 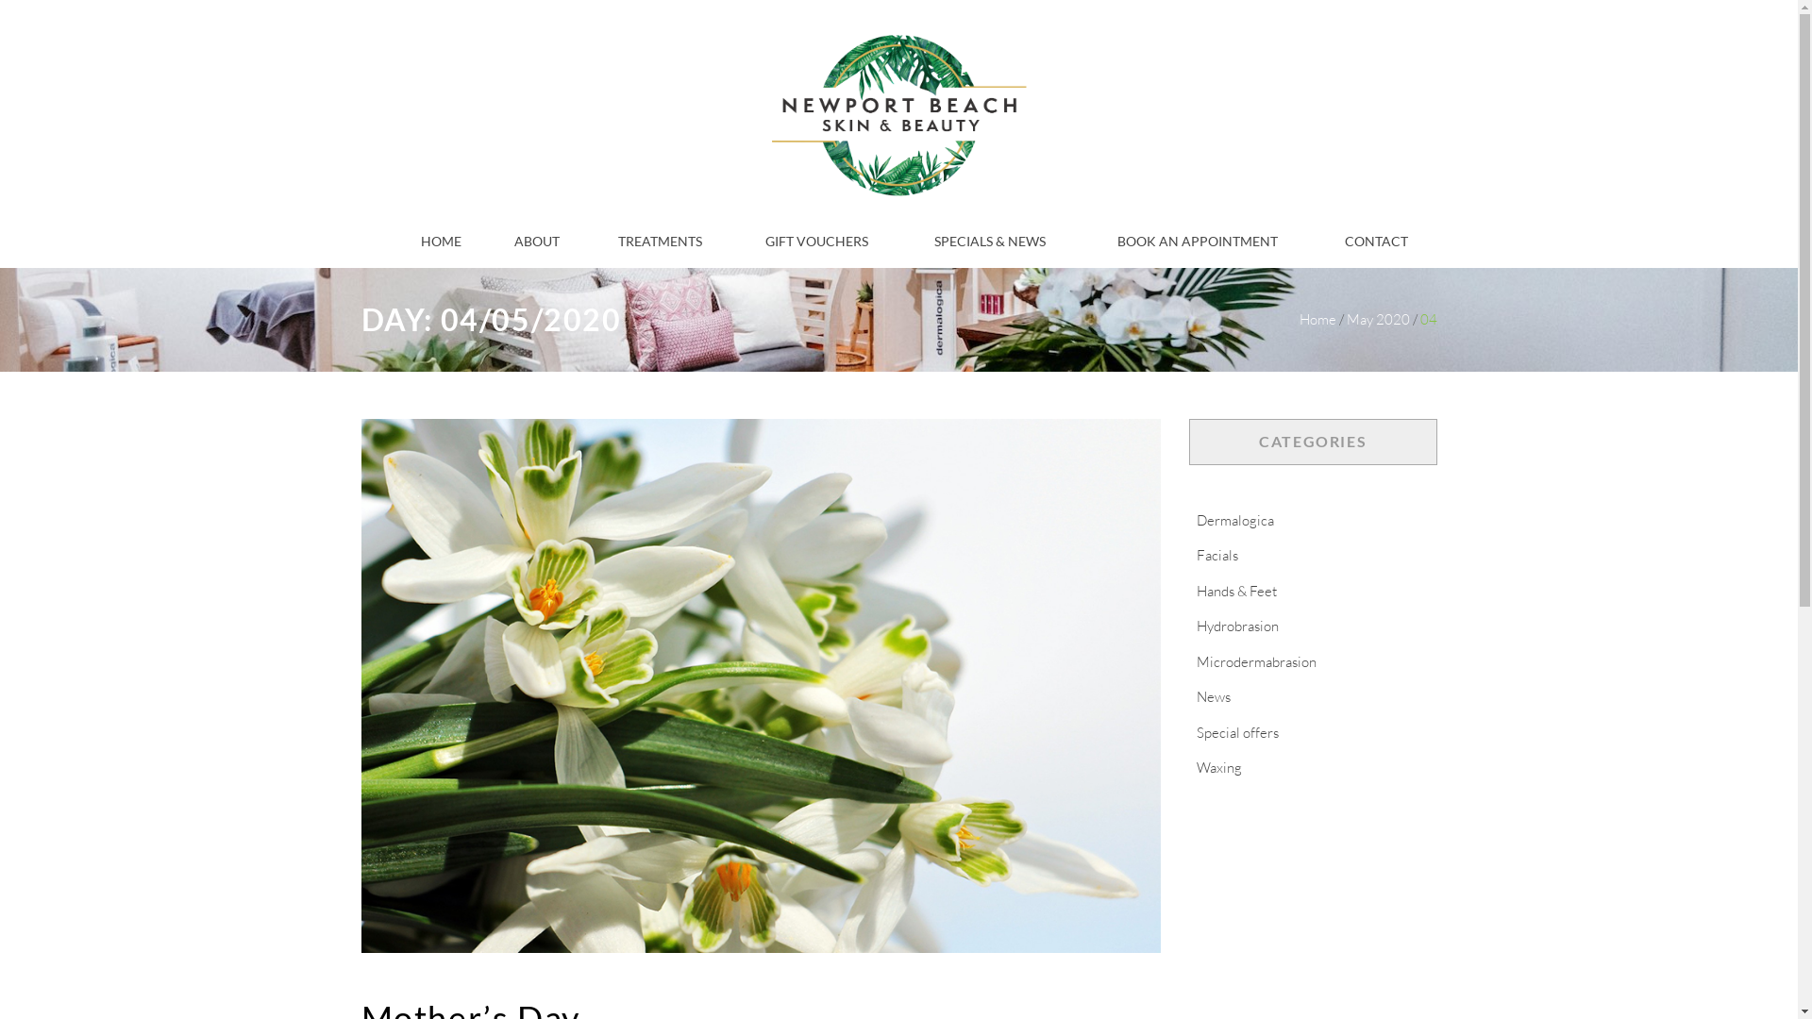 I want to click on 'BOOK AN APPOINTMENT', so click(x=1196, y=241).